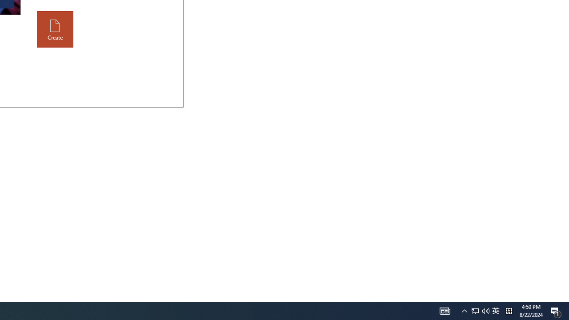 The image size is (569, 320). What do you see at coordinates (55, 29) in the screenshot?
I see `'Create'` at bounding box center [55, 29].